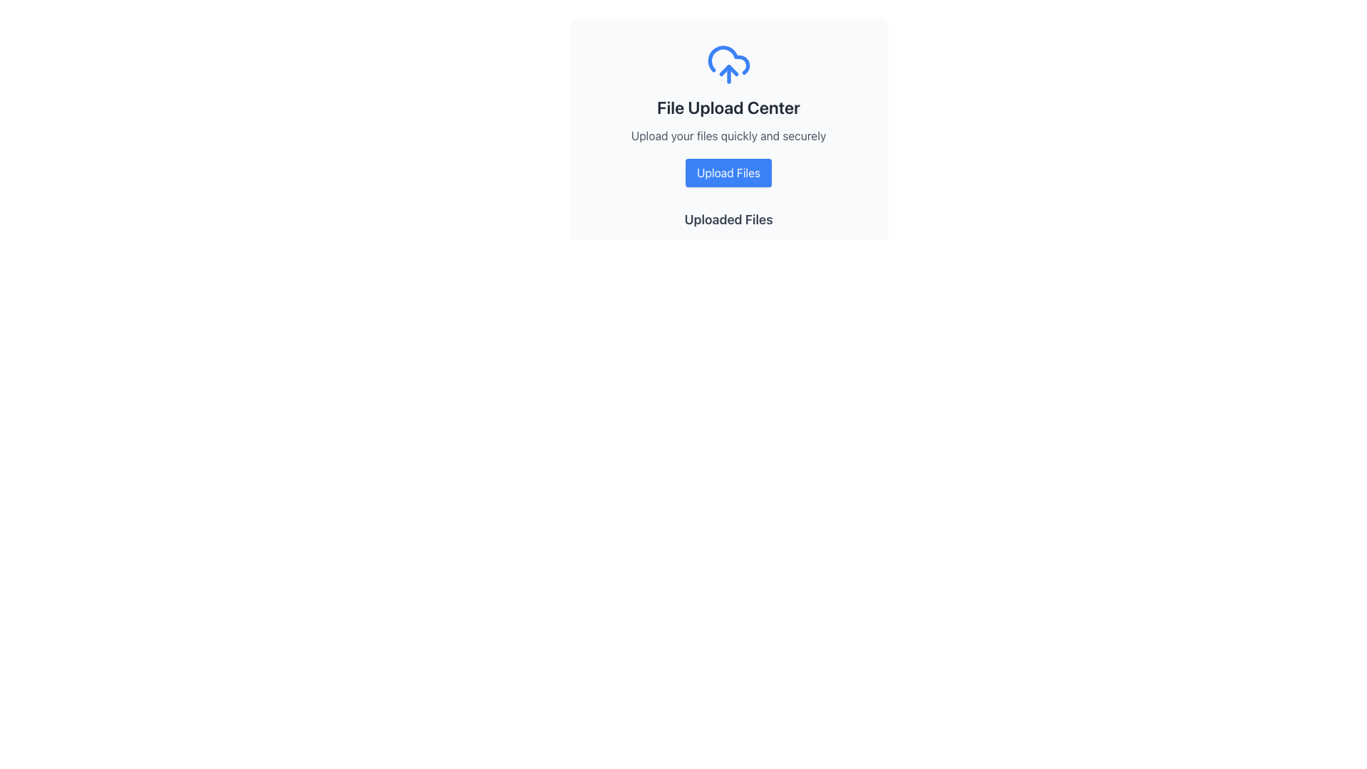 The image size is (1367, 769). Describe the element at coordinates (728, 172) in the screenshot. I see `the prominent file upload button` at that location.